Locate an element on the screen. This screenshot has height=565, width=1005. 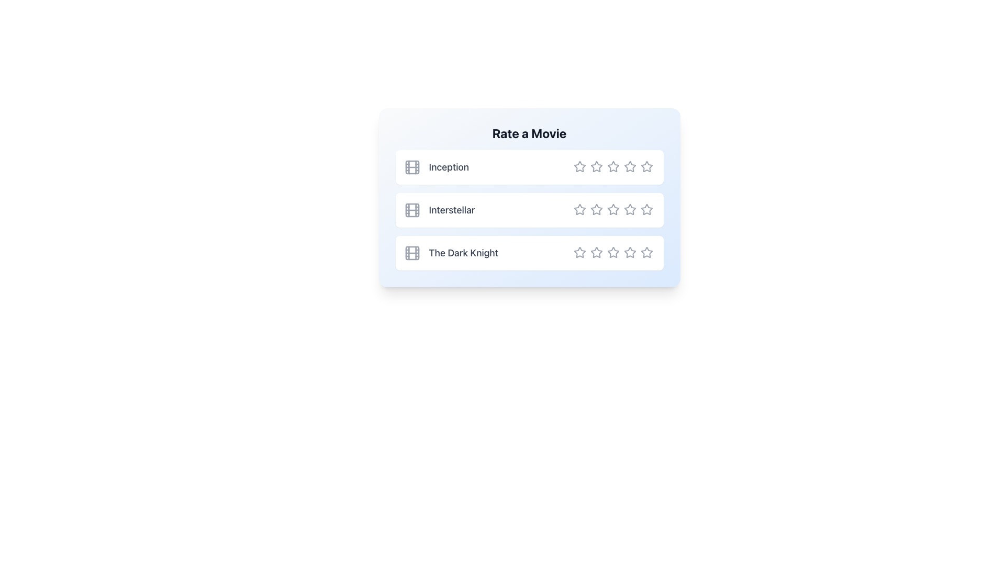
the second gray star icon in the rating tool for the movie 'Inception' is located at coordinates (596, 166).